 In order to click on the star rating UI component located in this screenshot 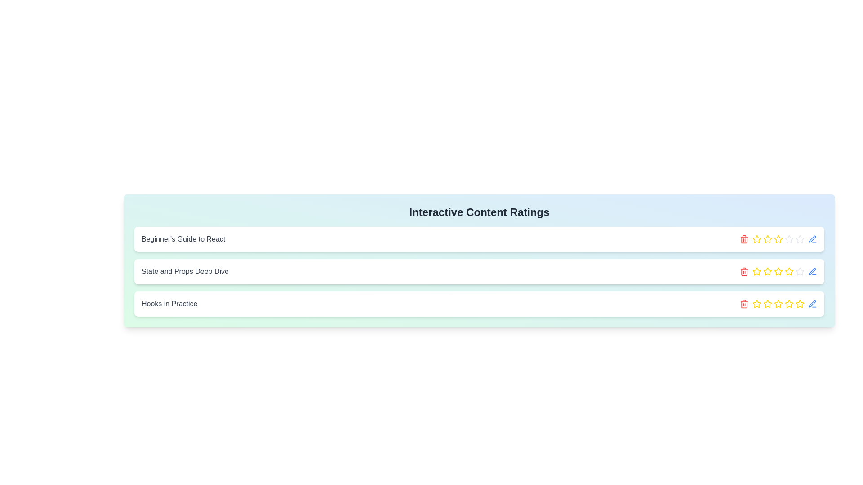, I will do `click(778, 271)`.